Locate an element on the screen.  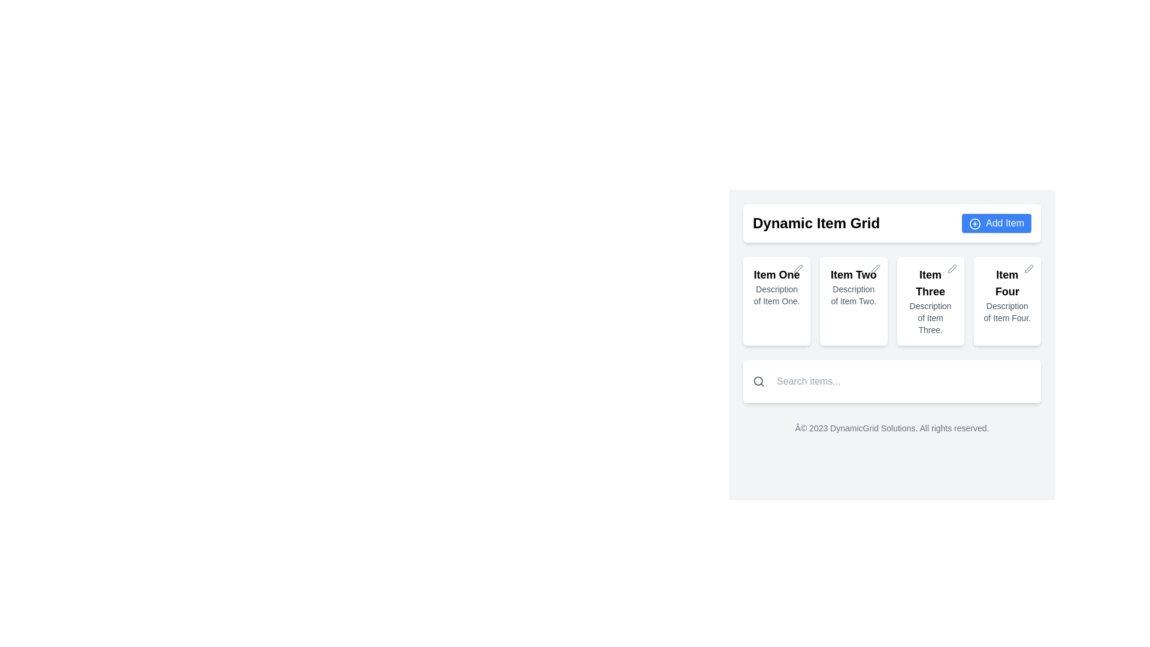
the descriptive text located beneath the heading 'Item Four' in the grid layout is located at coordinates (1006, 311).